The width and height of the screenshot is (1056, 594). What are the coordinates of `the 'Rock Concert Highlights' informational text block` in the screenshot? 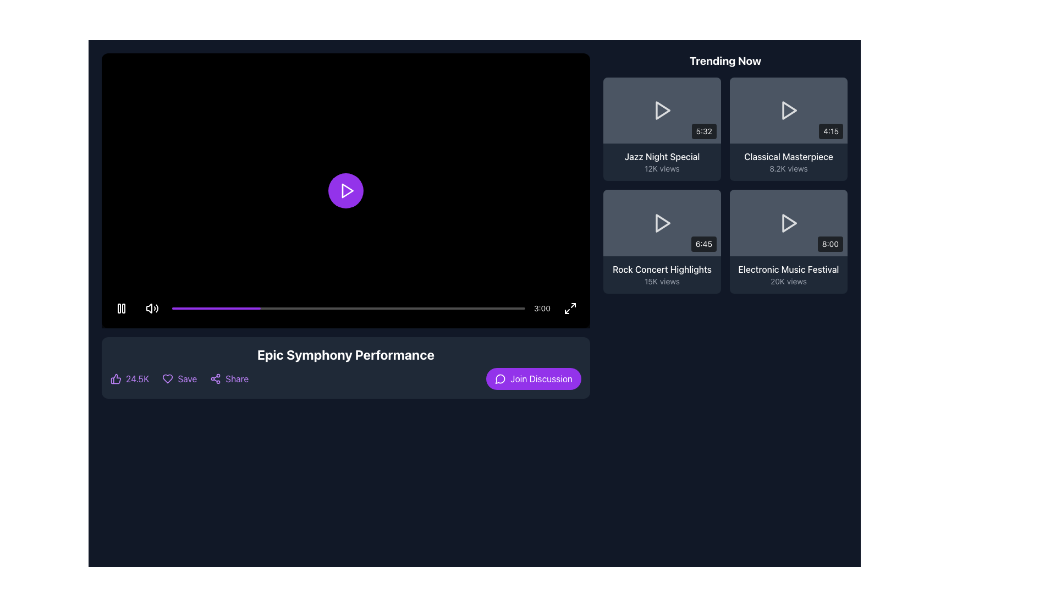 It's located at (662, 273).